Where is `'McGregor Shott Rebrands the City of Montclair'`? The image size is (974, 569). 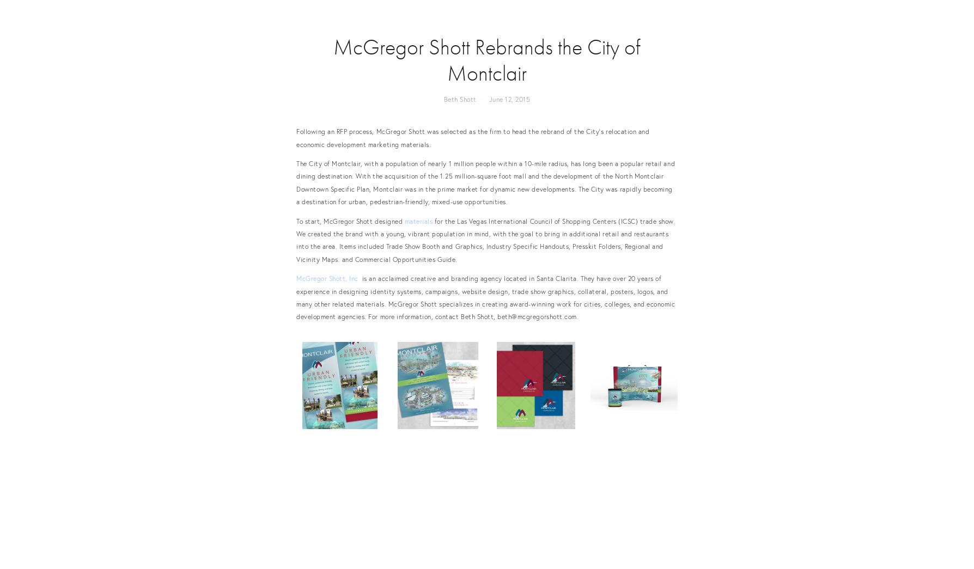
'McGregor Shott Rebrands the City of Montclair' is located at coordinates (487, 59).